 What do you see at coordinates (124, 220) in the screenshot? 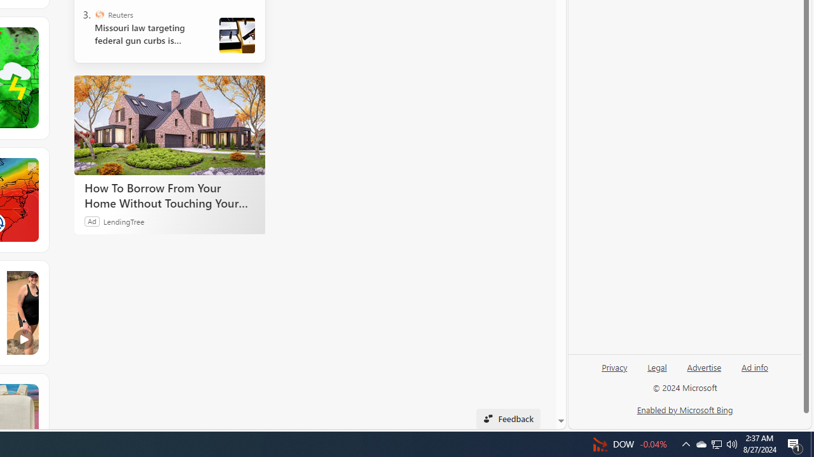
I see `'LendingTree'` at bounding box center [124, 220].